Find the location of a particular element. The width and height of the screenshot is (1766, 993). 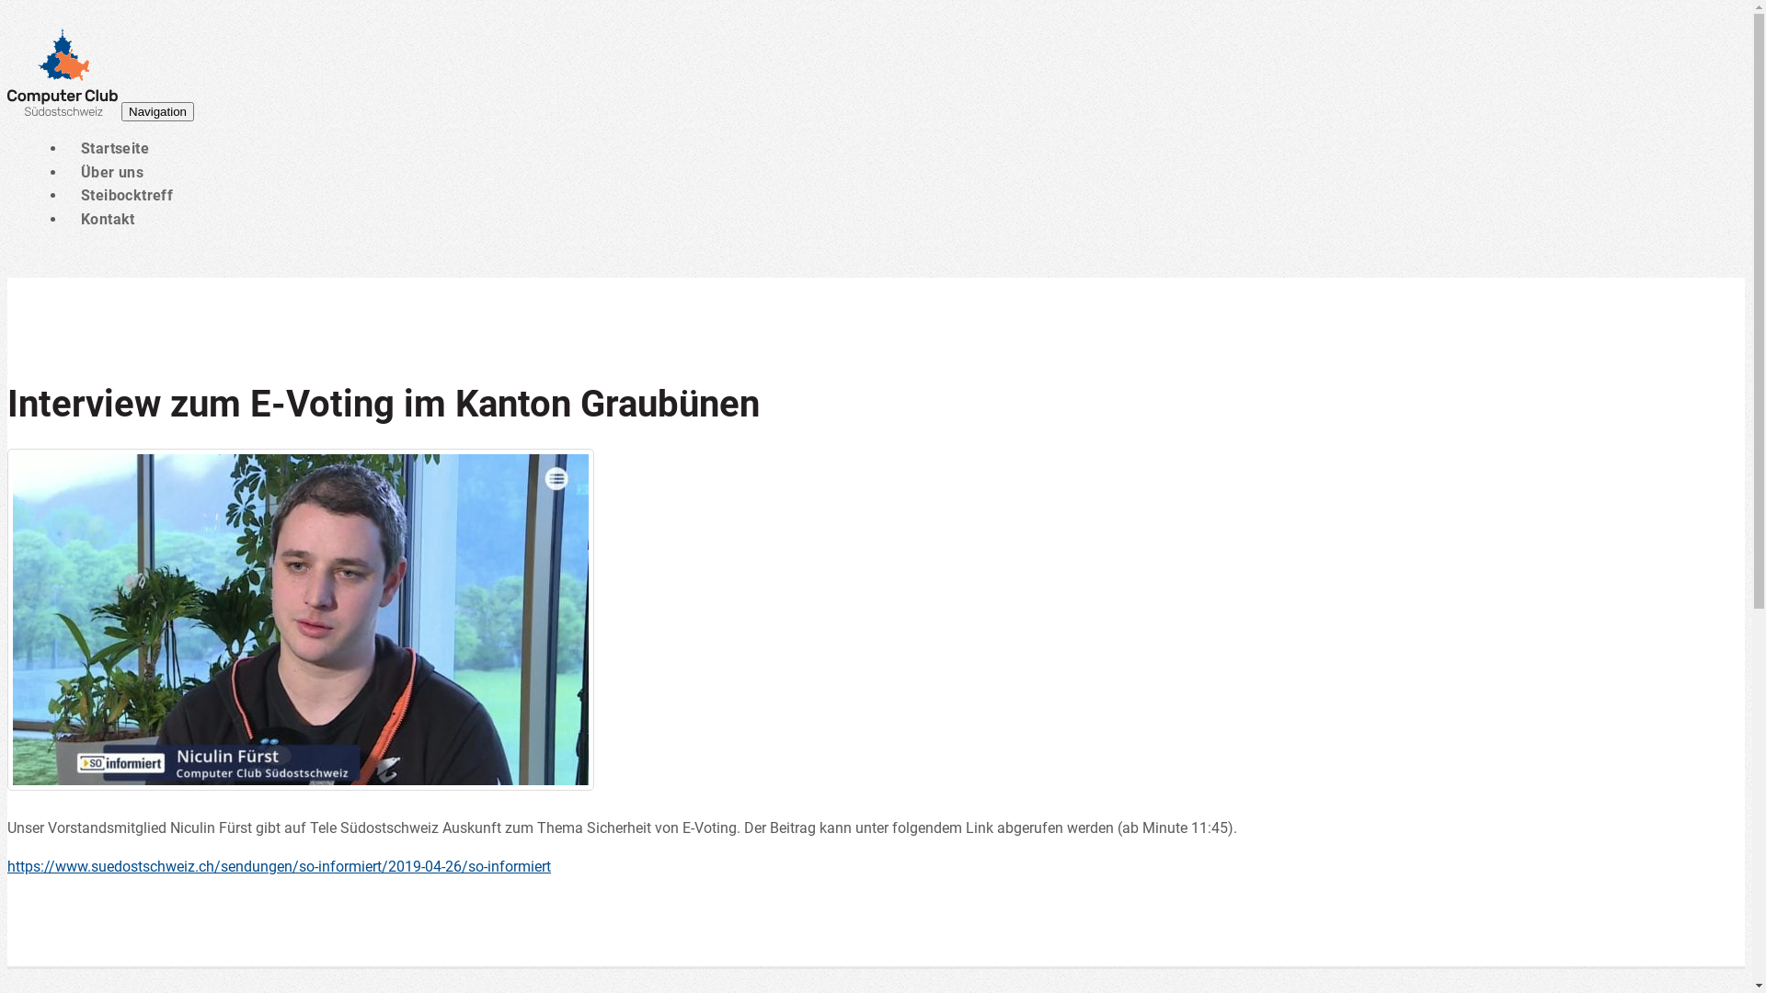

'Kontakt' is located at coordinates (66, 218).